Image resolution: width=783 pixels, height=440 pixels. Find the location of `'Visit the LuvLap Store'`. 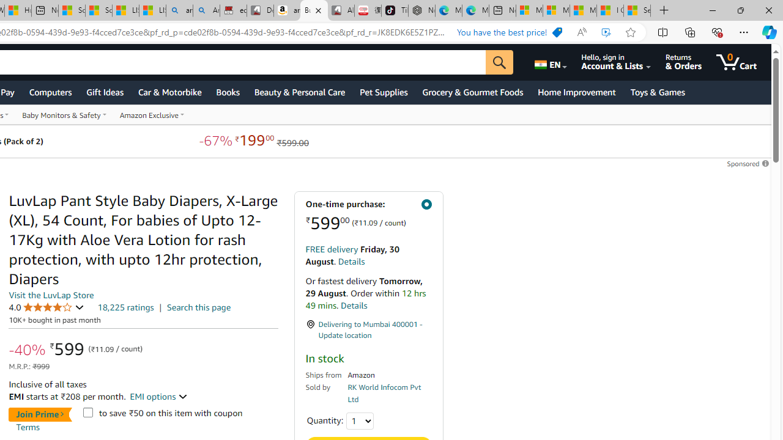

'Visit the LuvLap Store' is located at coordinates (50, 295).